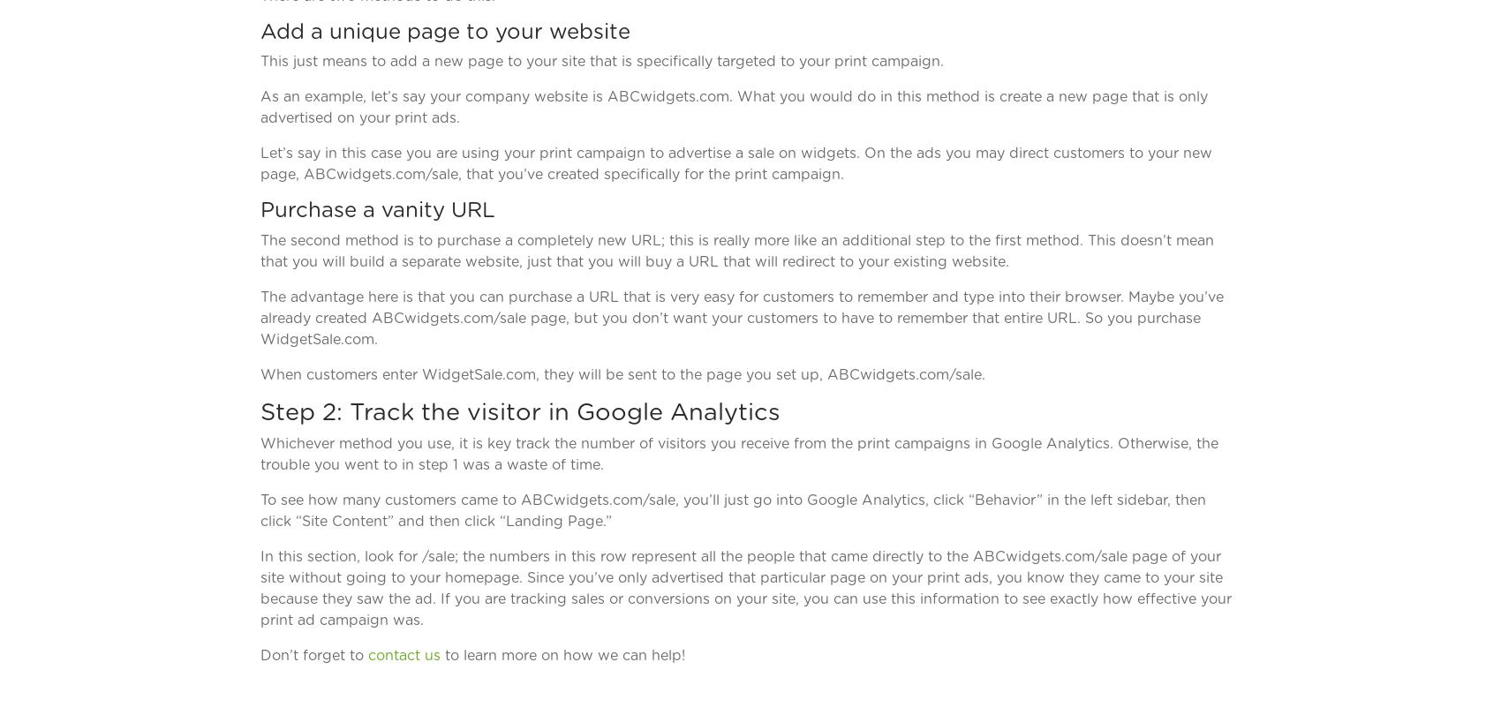 Image resolution: width=1501 pixels, height=715 pixels. What do you see at coordinates (602, 61) in the screenshot?
I see `'This just means to add a new page to your site that is specifically targeted to your print campaign.'` at bounding box center [602, 61].